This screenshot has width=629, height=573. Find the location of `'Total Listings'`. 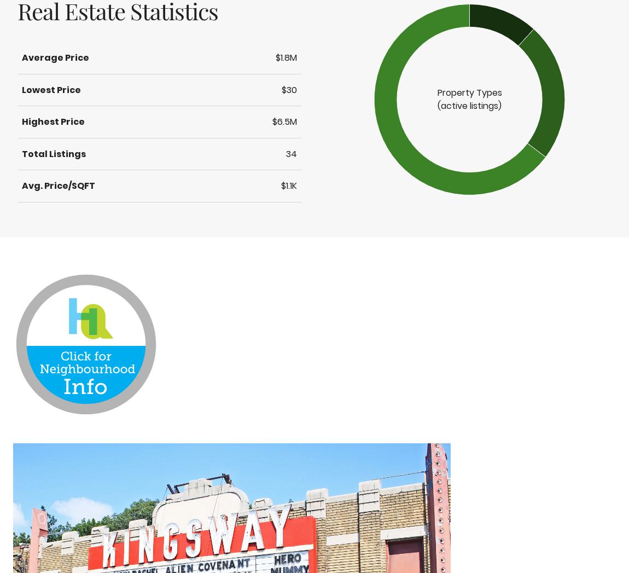

'Total Listings' is located at coordinates (53, 153).